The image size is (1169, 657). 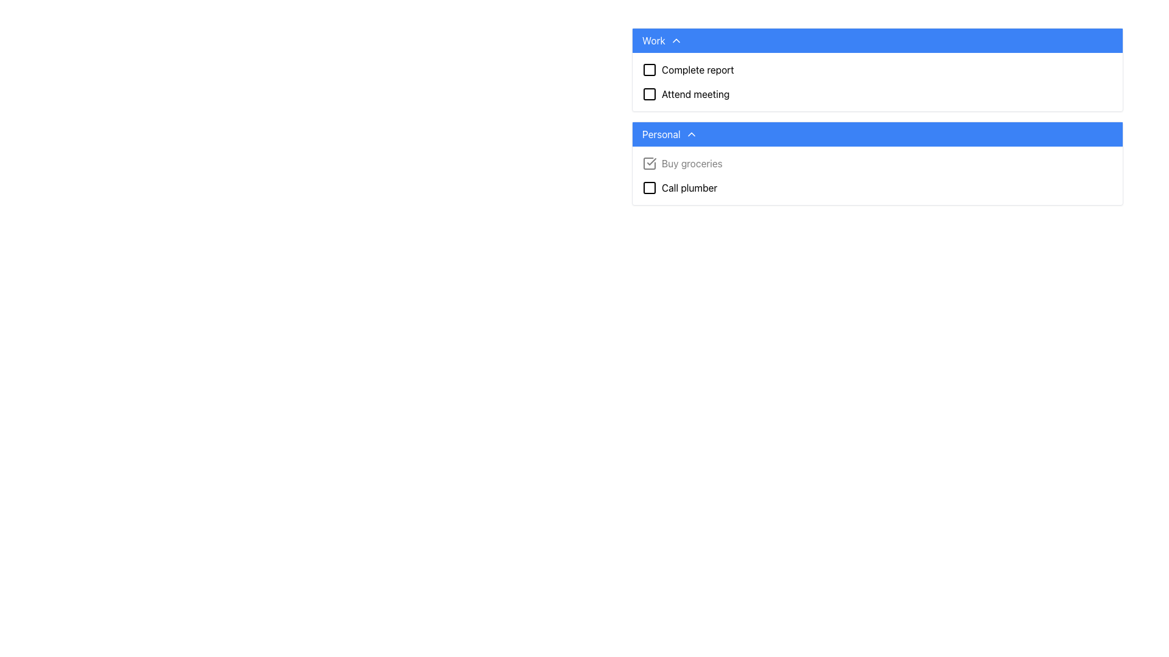 What do you see at coordinates (648, 93) in the screenshot?
I see `the checkbox with a black border located to the left of the text 'Attend meeting'` at bounding box center [648, 93].